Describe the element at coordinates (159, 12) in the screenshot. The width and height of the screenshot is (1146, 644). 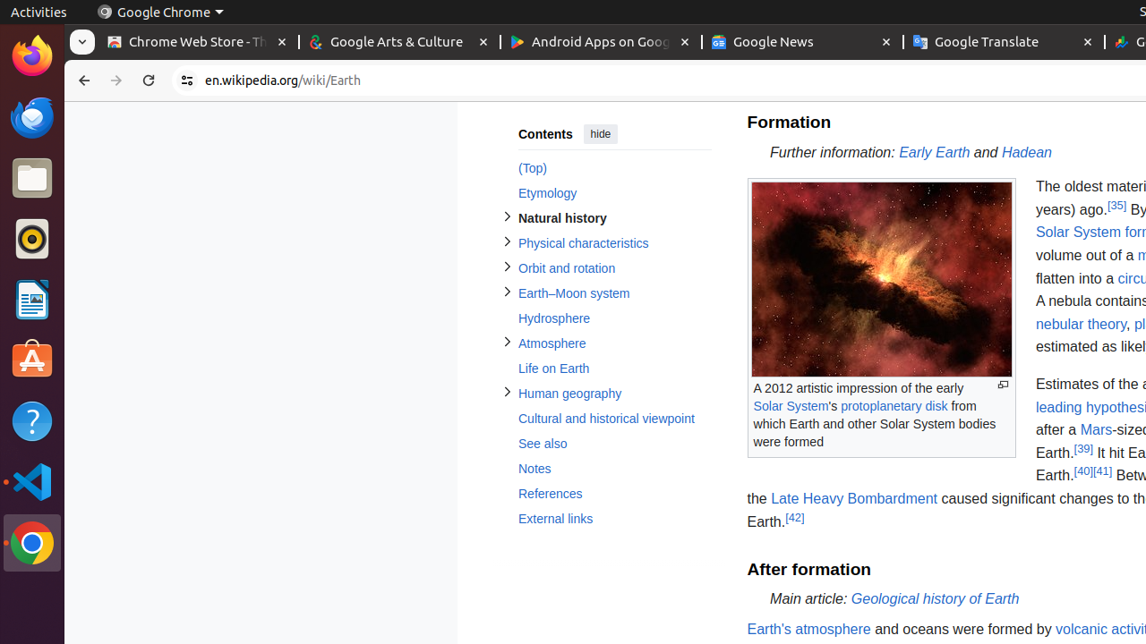
I see `'Google Chrome'` at that location.